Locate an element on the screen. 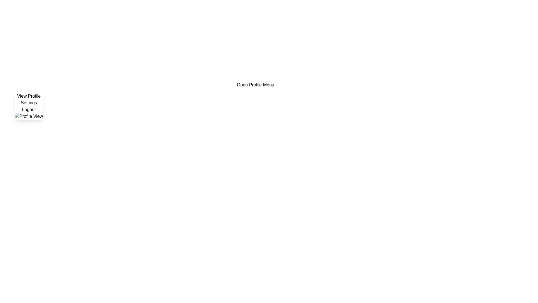  the button that opens the user profile menu is located at coordinates (255, 85).